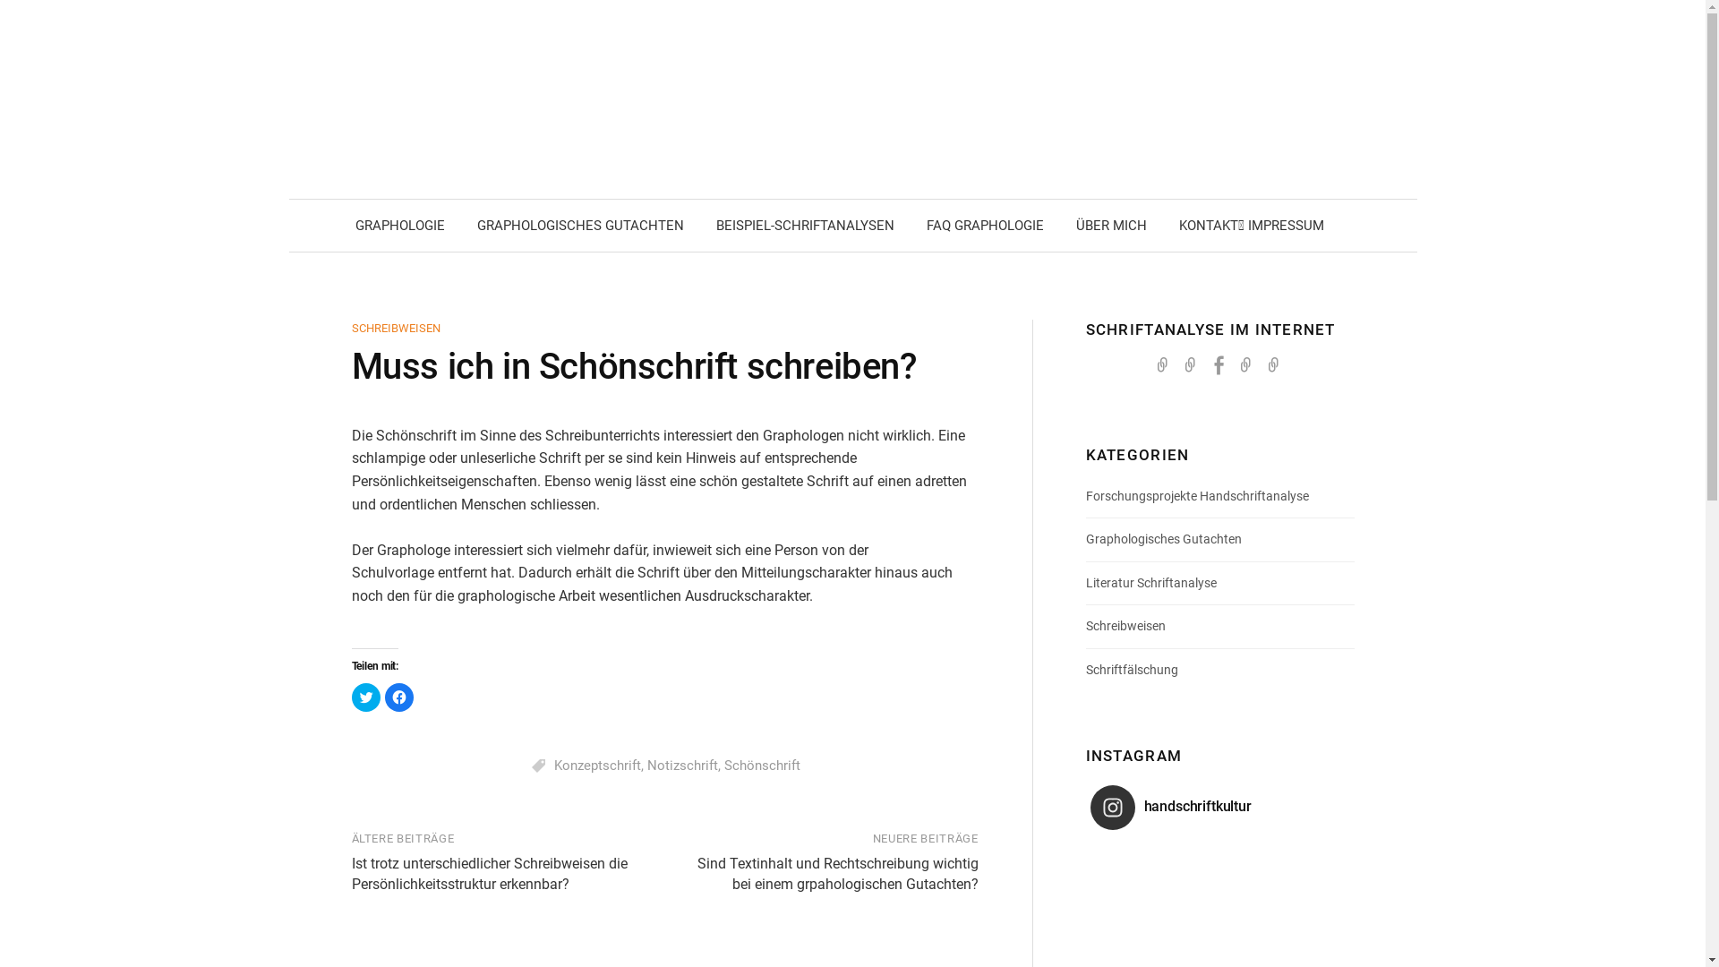 The image size is (1719, 967). What do you see at coordinates (579, 224) in the screenshot?
I see `'GRAPHOLOGISCHES GUTACHTEN'` at bounding box center [579, 224].